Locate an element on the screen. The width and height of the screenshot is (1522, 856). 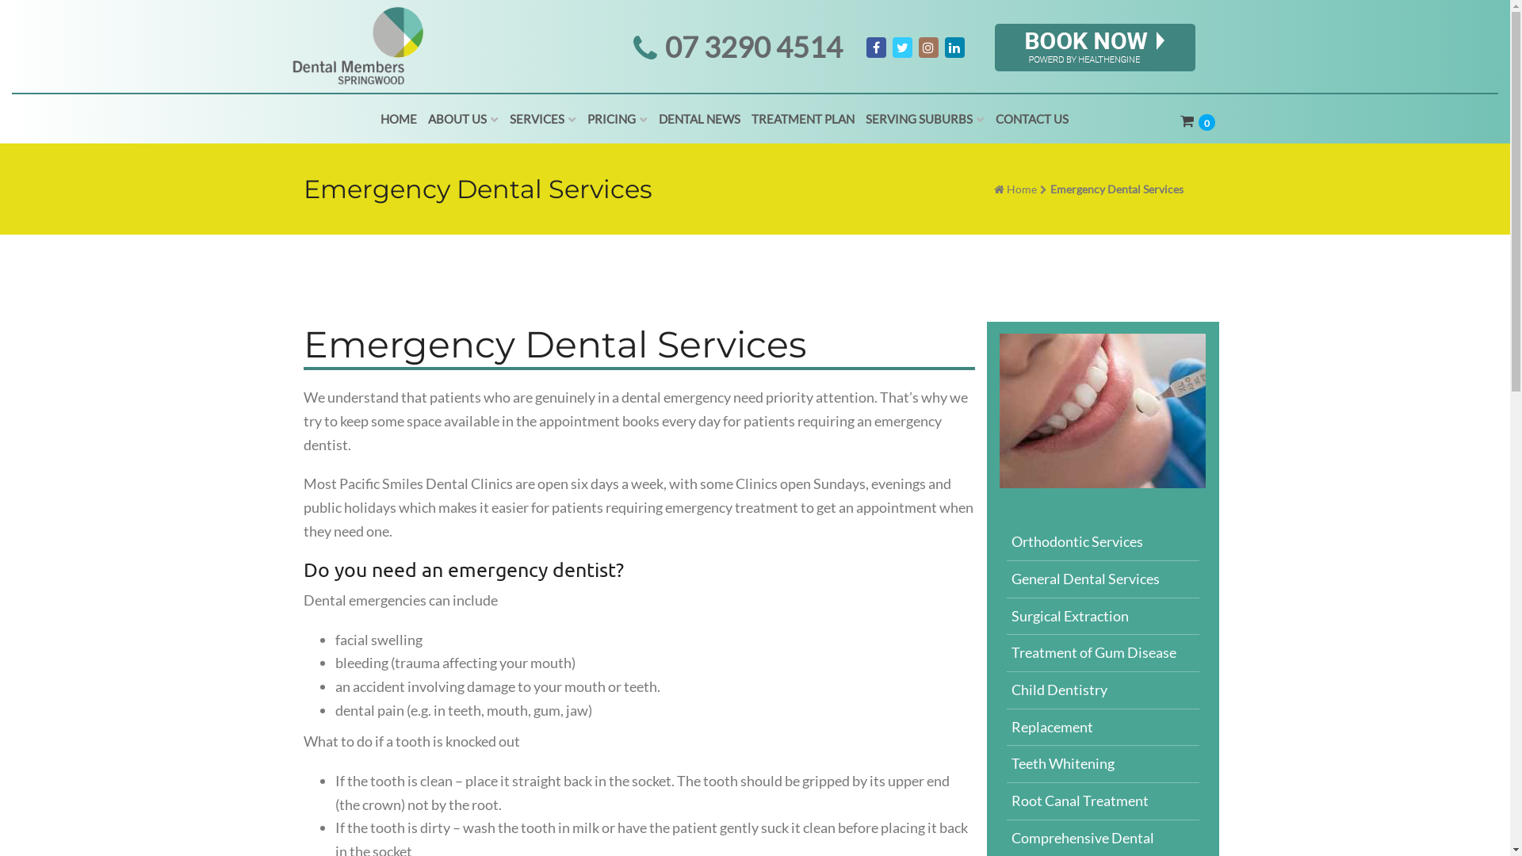
'HOME' is located at coordinates (399, 118).